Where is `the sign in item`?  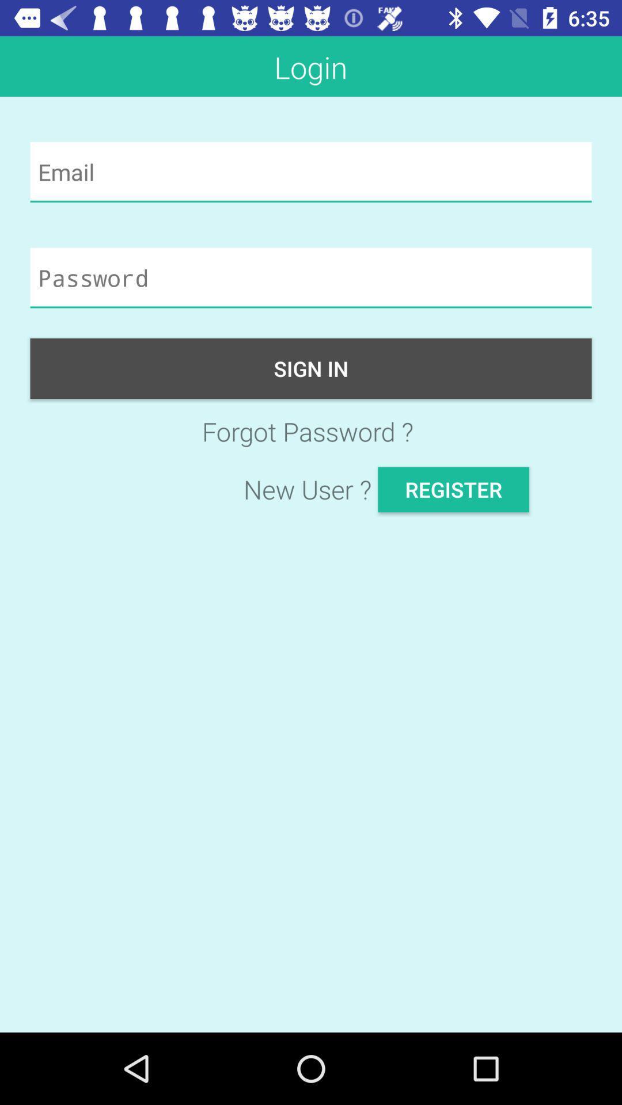
the sign in item is located at coordinates (311, 368).